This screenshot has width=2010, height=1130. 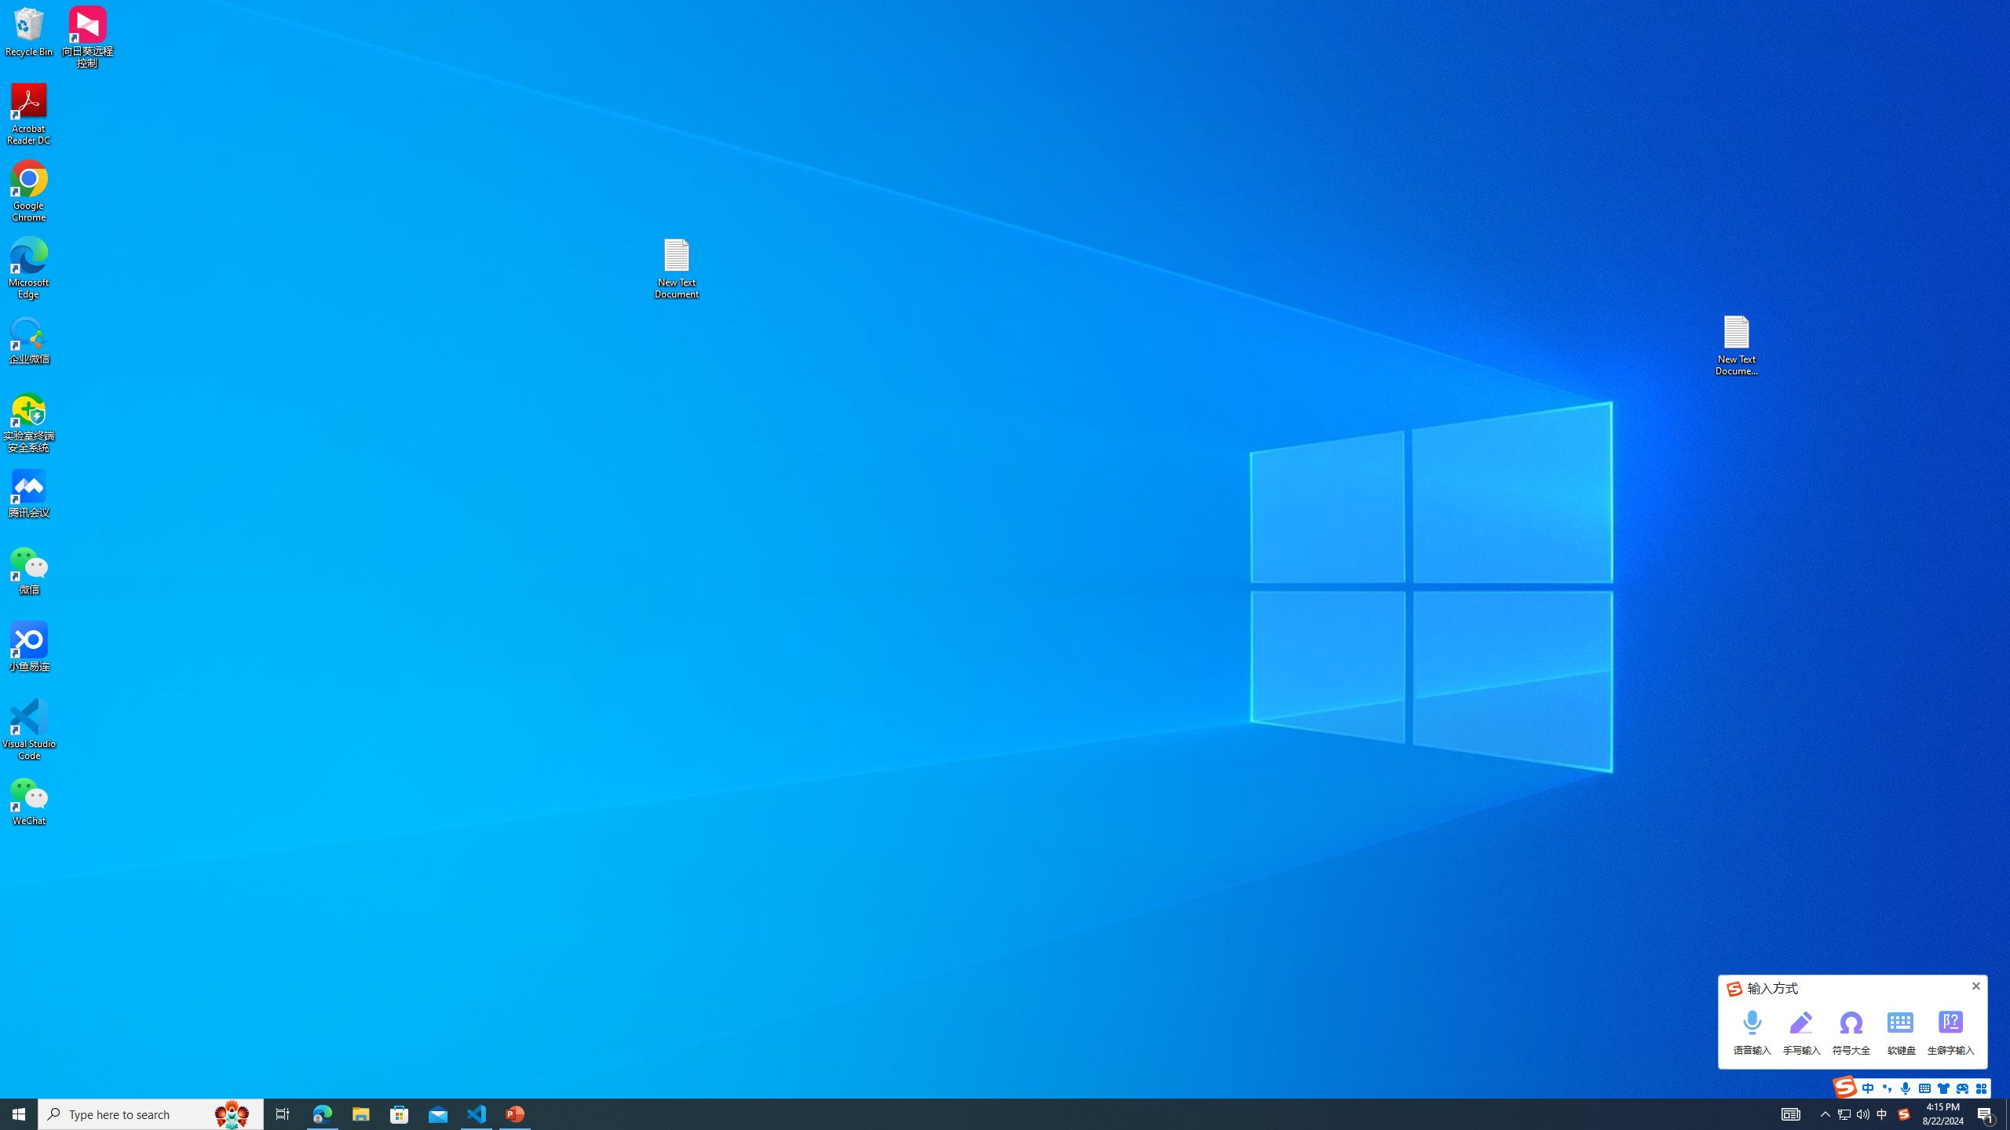 I want to click on 'Google Chrome', so click(x=28, y=191).